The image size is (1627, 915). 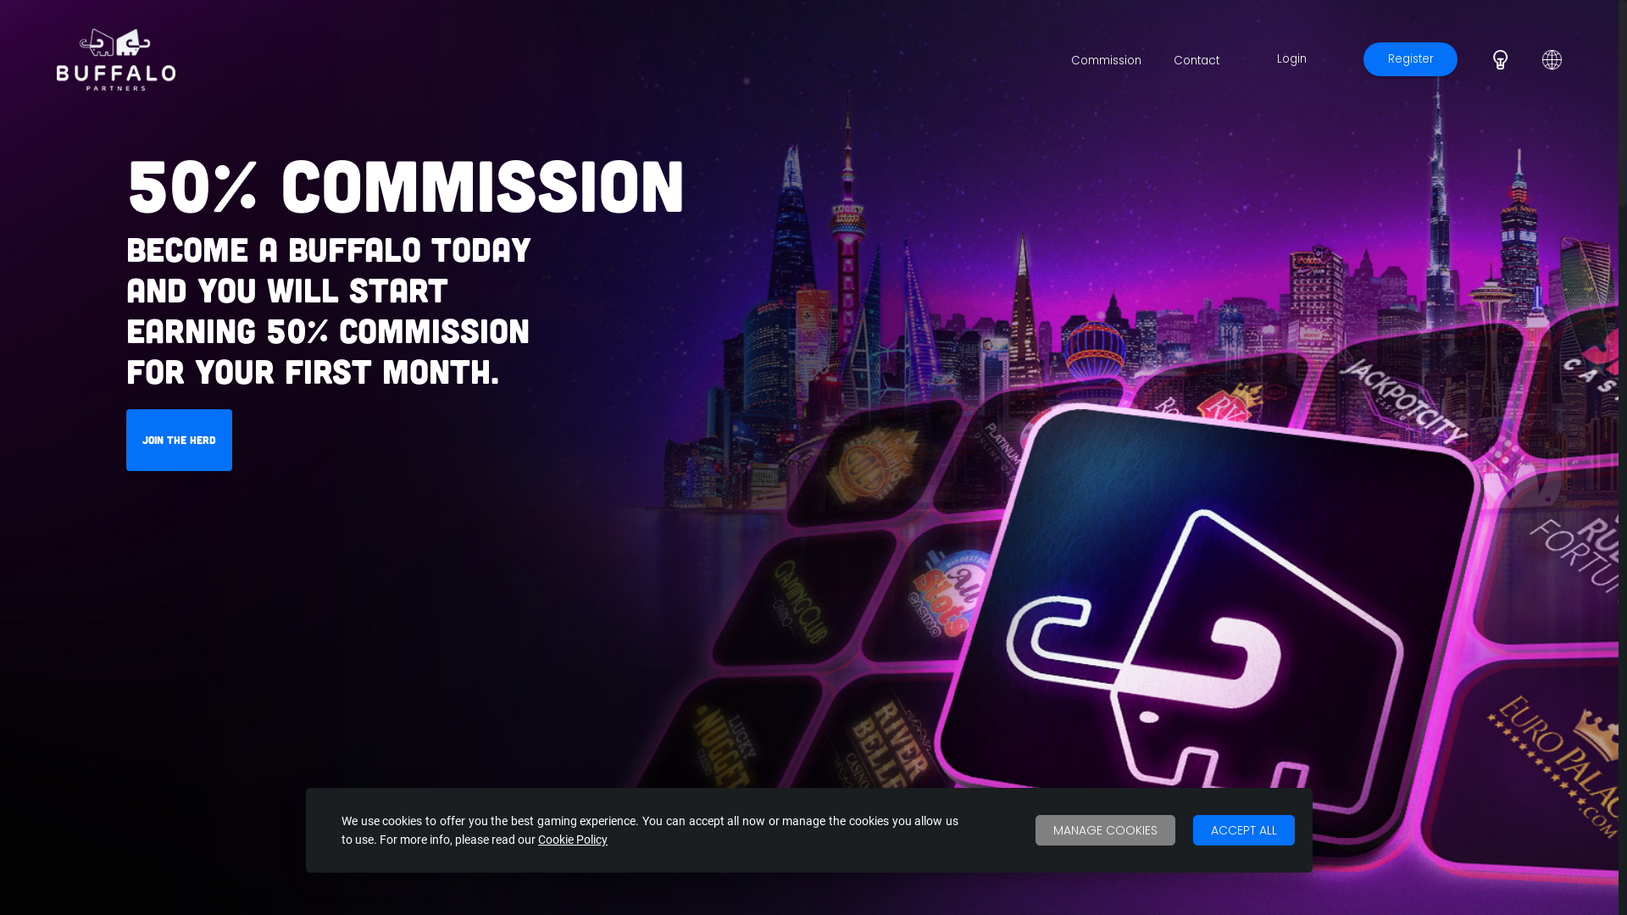 What do you see at coordinates (1105, 829) in the screenshot?
I see `'MANAGE COOKIES'` at bounding box center [1105, 829].